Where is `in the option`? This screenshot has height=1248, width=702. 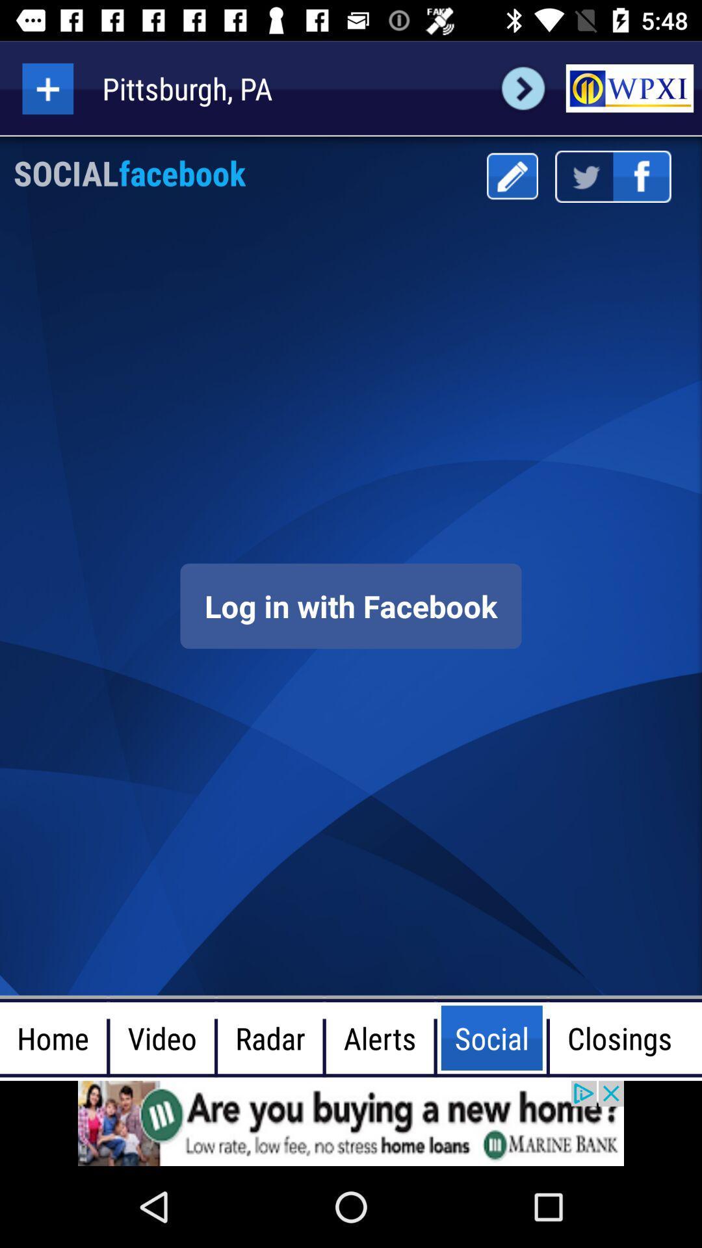 in the option is located at coordinates (47, 88).